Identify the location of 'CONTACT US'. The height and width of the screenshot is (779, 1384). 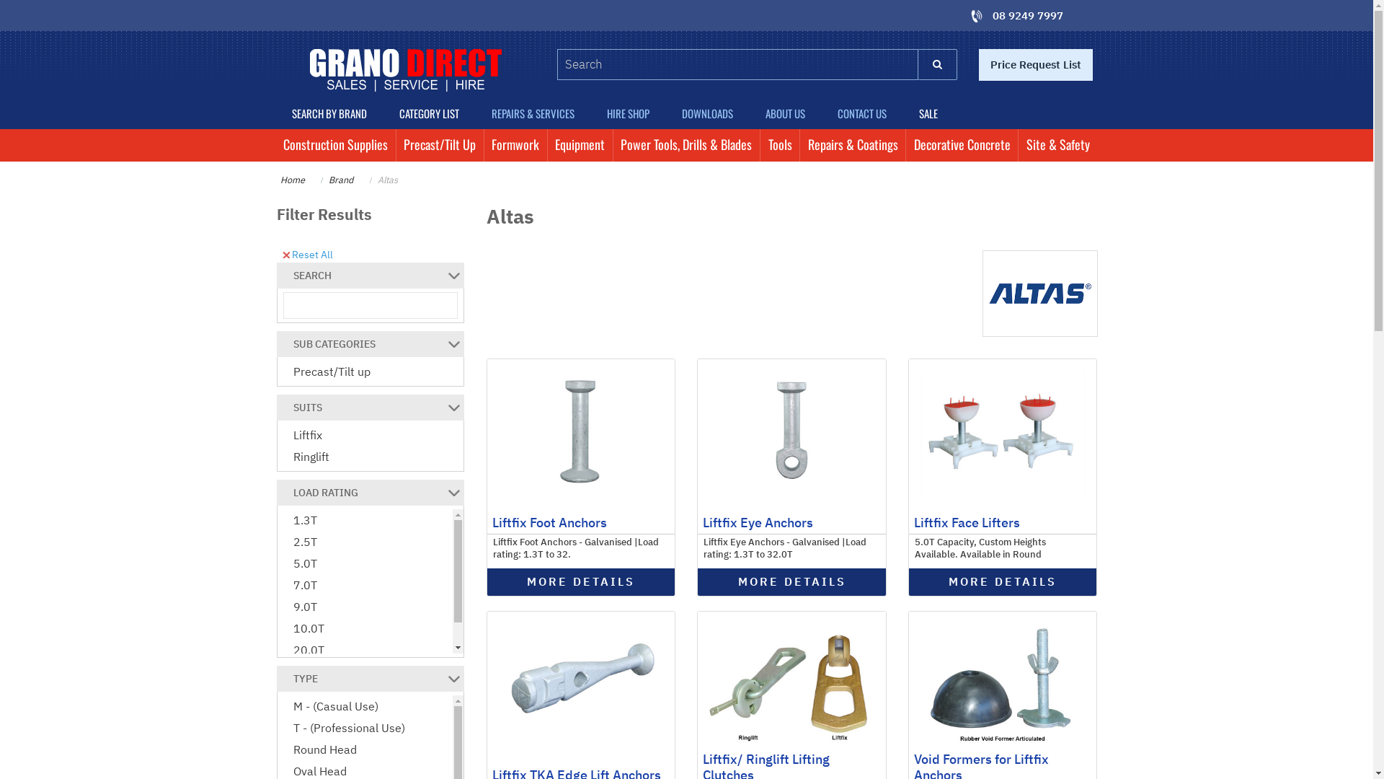
(862, 113).